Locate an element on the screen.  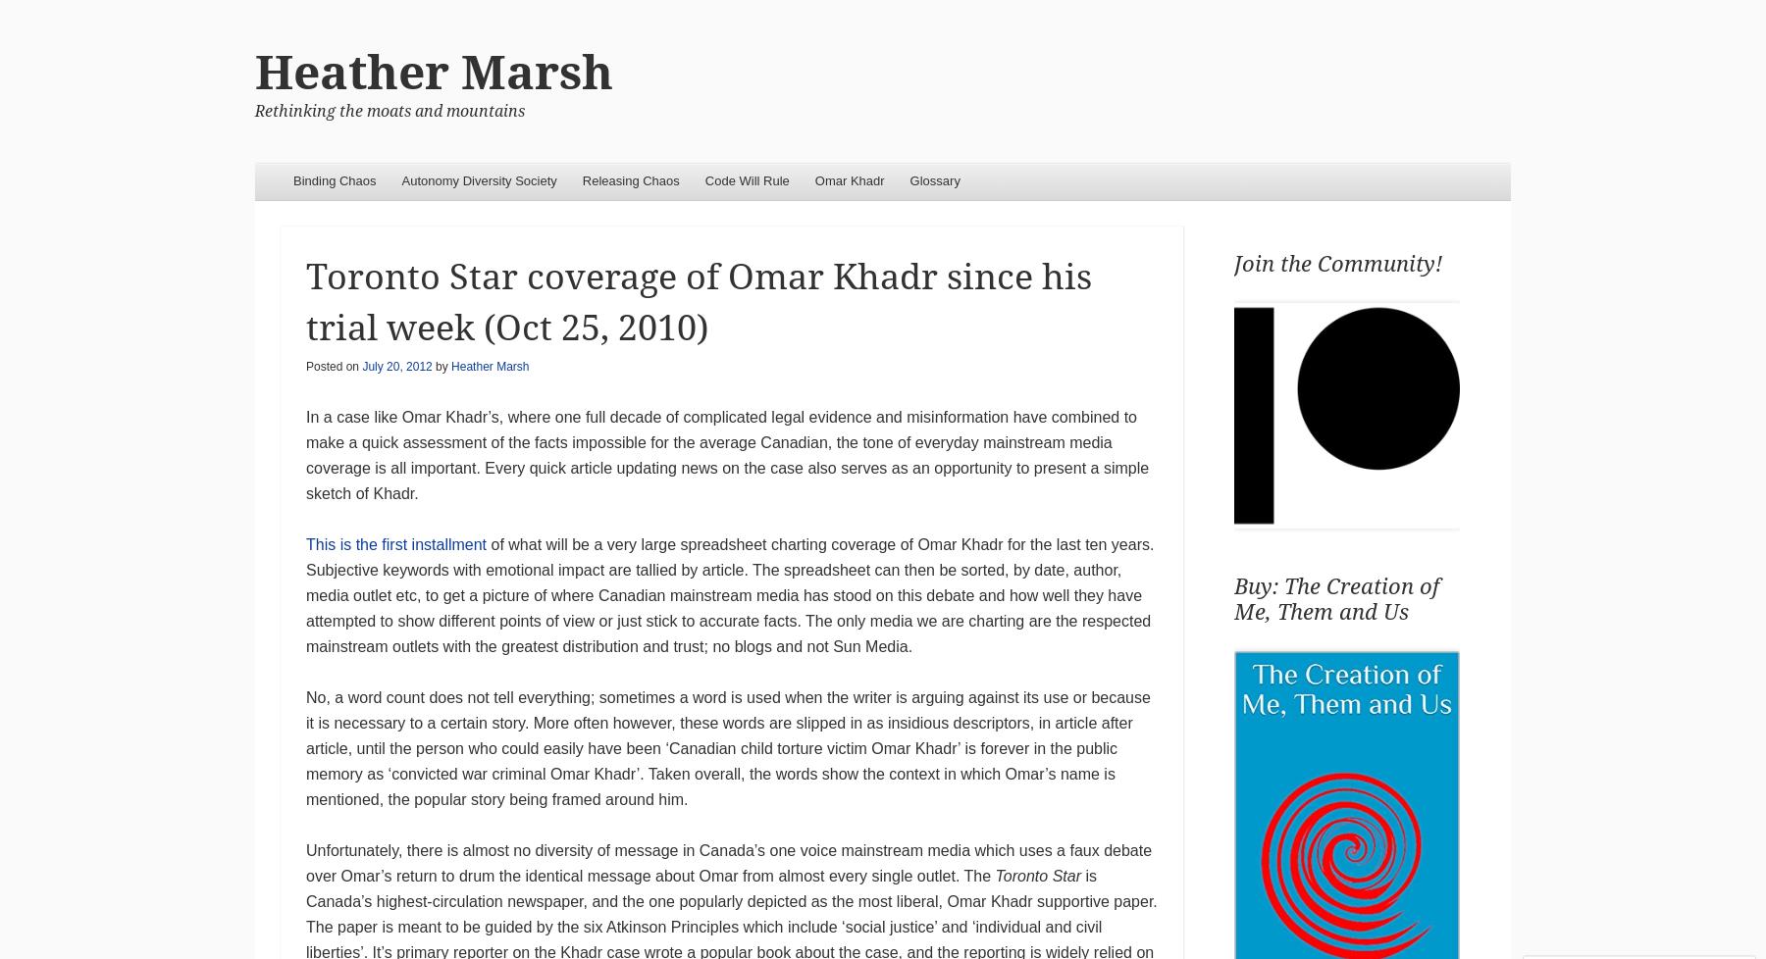
'Posted on' is located at coordinates (334, 365).